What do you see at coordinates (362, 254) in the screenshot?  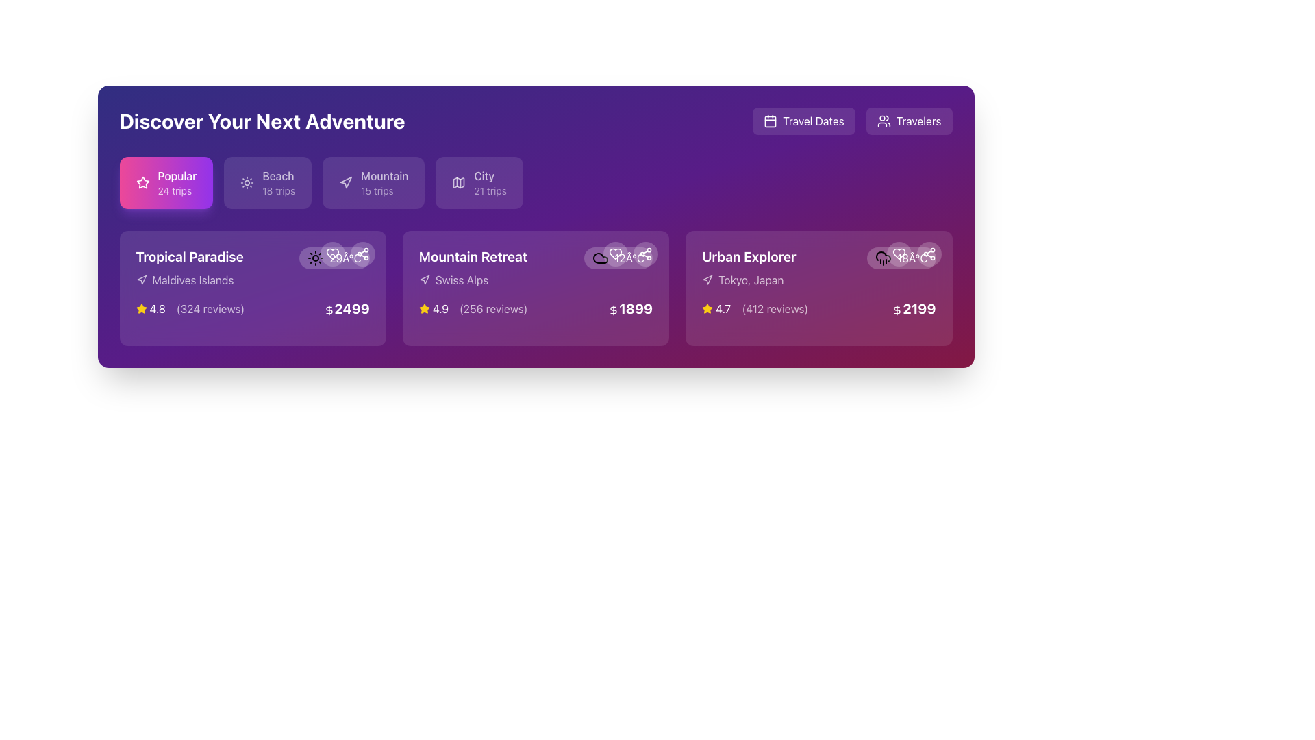 I see `the share icon` at bounding box center [362, 254].